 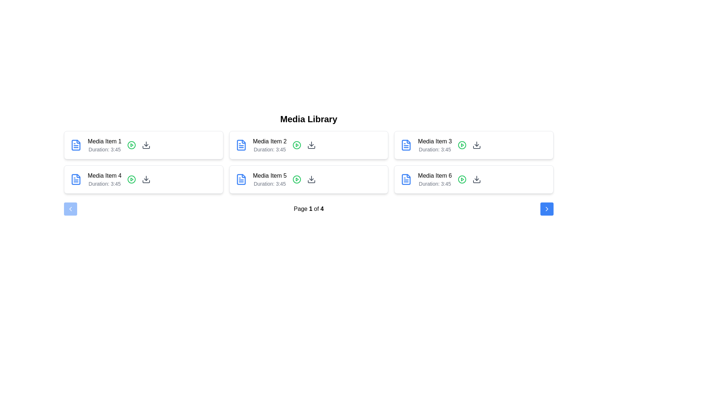 What do you see at coordinates (435, 149) in the screenshot?
I see `the informational text label displaying the duration of 'Media Item 3', located directly below the title in the top-right quadrant of the layout` at bounding box center [435, 149].